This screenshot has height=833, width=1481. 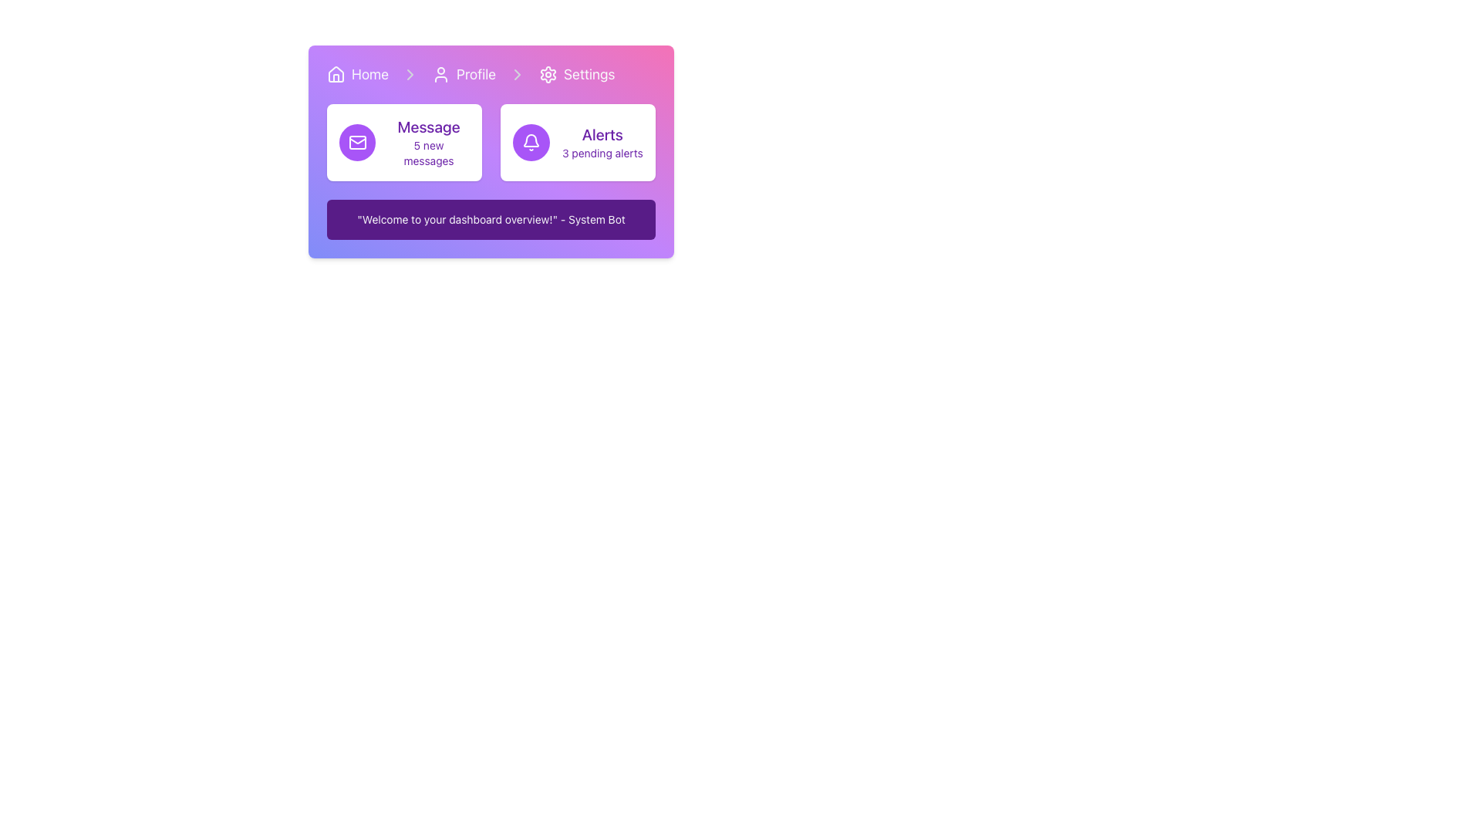 What do you see at coordinates (531, 143) in the screenshot?
I see `the bell icon with a purple circular background located on the right side of the dashboard interface within the 'Alerts' card` at bounding box center [531, 143].